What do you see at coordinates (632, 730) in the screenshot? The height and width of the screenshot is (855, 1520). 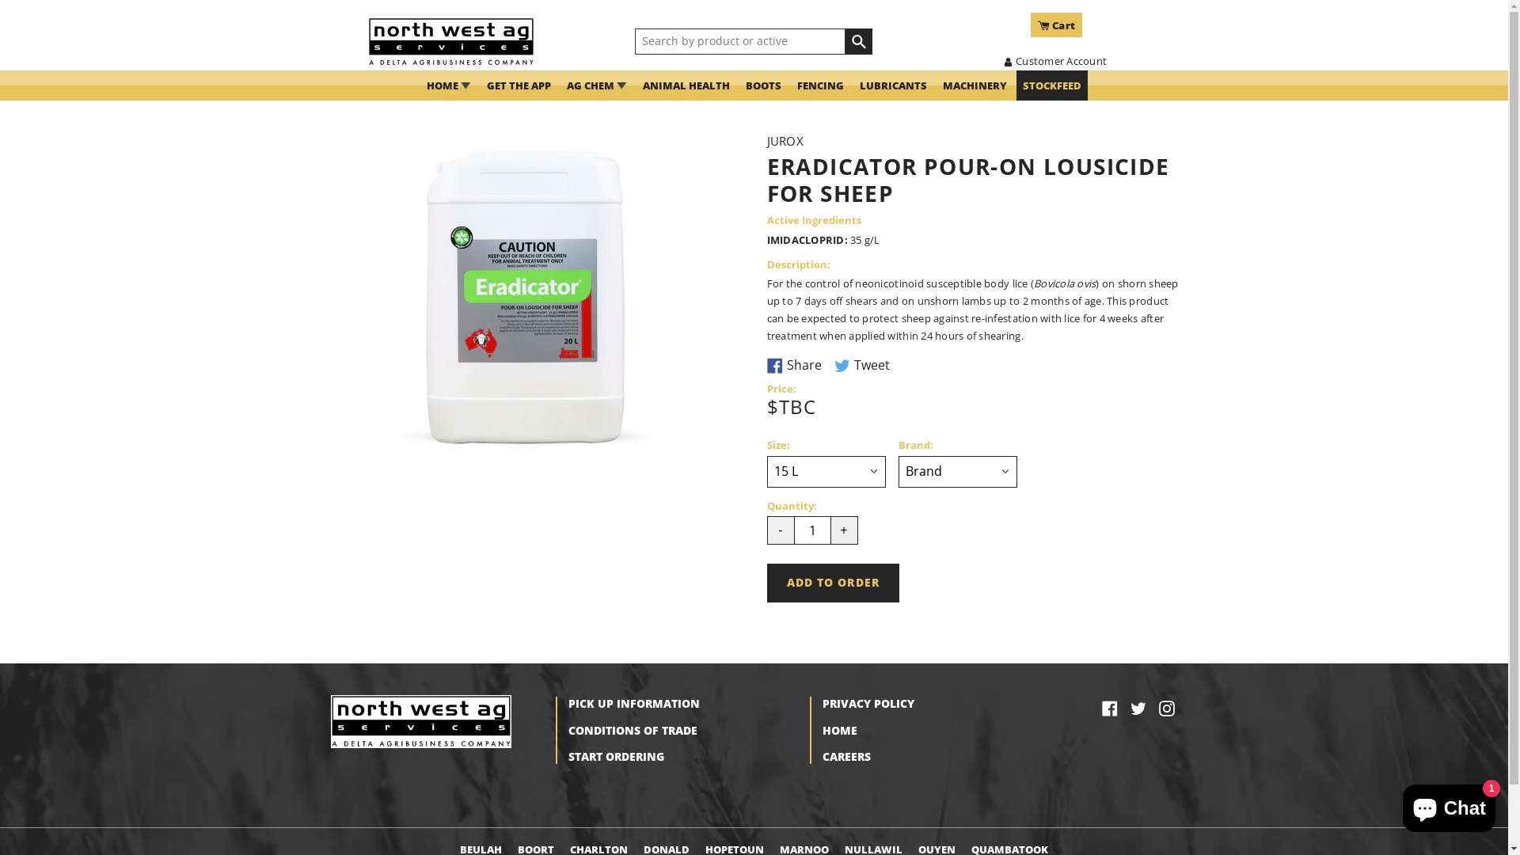 I see `'CONDITIONS OF TRADE'` at bounding box center [632, 730].